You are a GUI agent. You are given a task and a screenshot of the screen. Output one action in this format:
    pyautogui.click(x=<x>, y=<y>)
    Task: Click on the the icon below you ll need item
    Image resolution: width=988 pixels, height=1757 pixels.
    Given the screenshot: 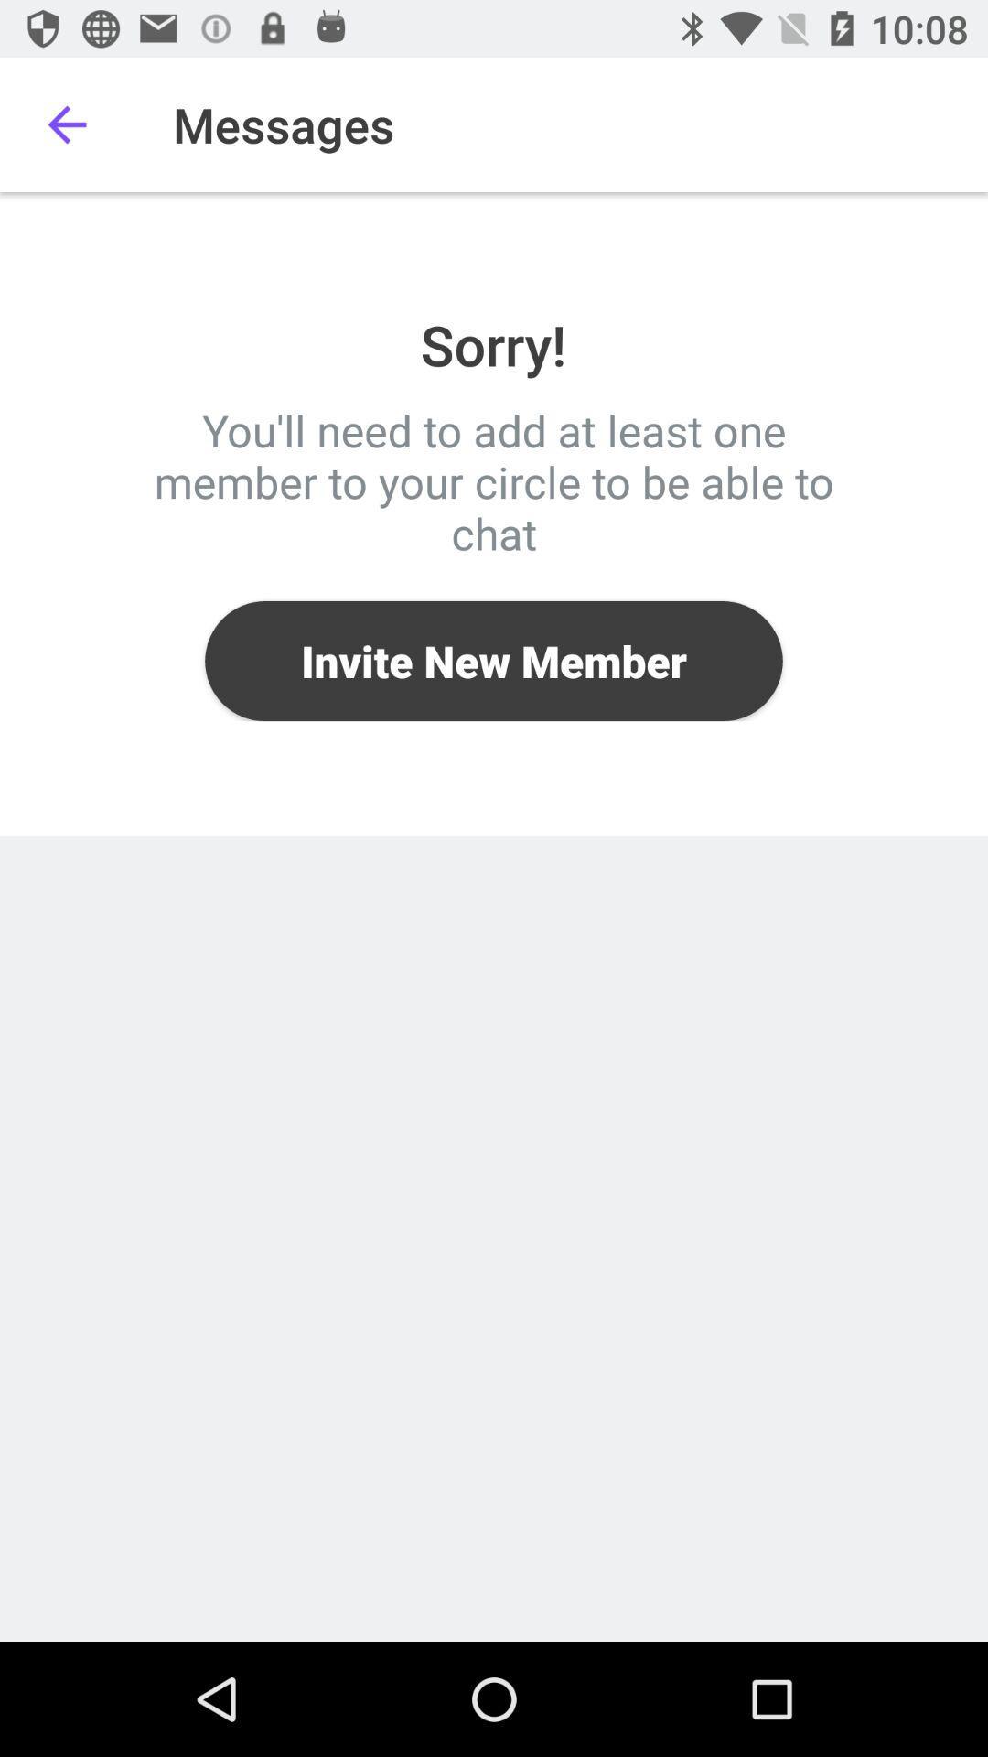 What is the action you would take?
    pyautogui.click(x=494, y=660)
    